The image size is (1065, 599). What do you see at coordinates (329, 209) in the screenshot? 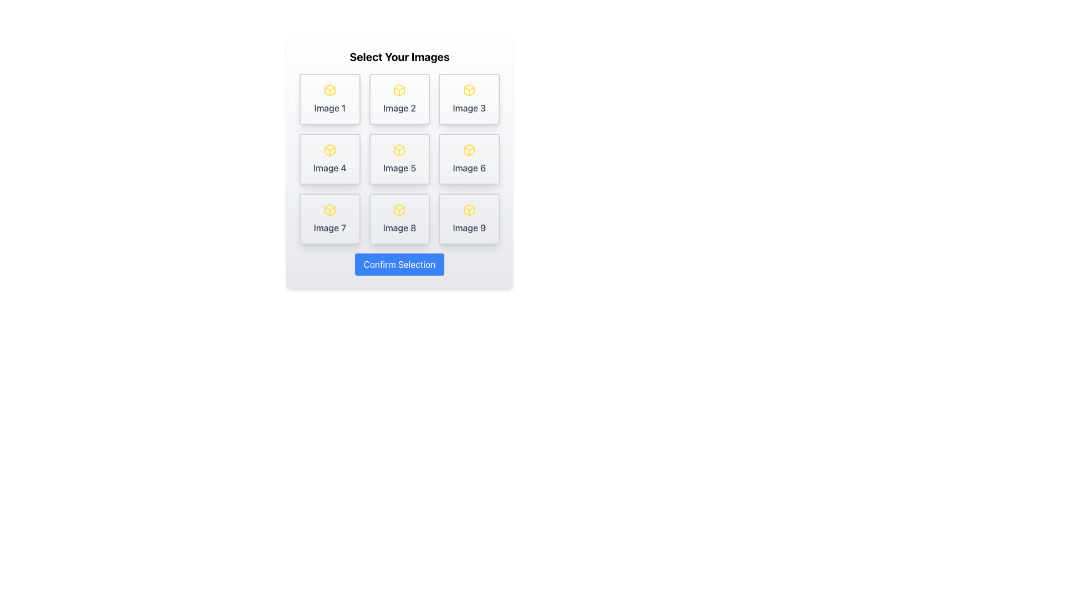
I see `the horizontal triangular line inside the SVG graphics of the box icon, which is part of the seventh item in a grid of selectable items` at bounding box center [329, 209].